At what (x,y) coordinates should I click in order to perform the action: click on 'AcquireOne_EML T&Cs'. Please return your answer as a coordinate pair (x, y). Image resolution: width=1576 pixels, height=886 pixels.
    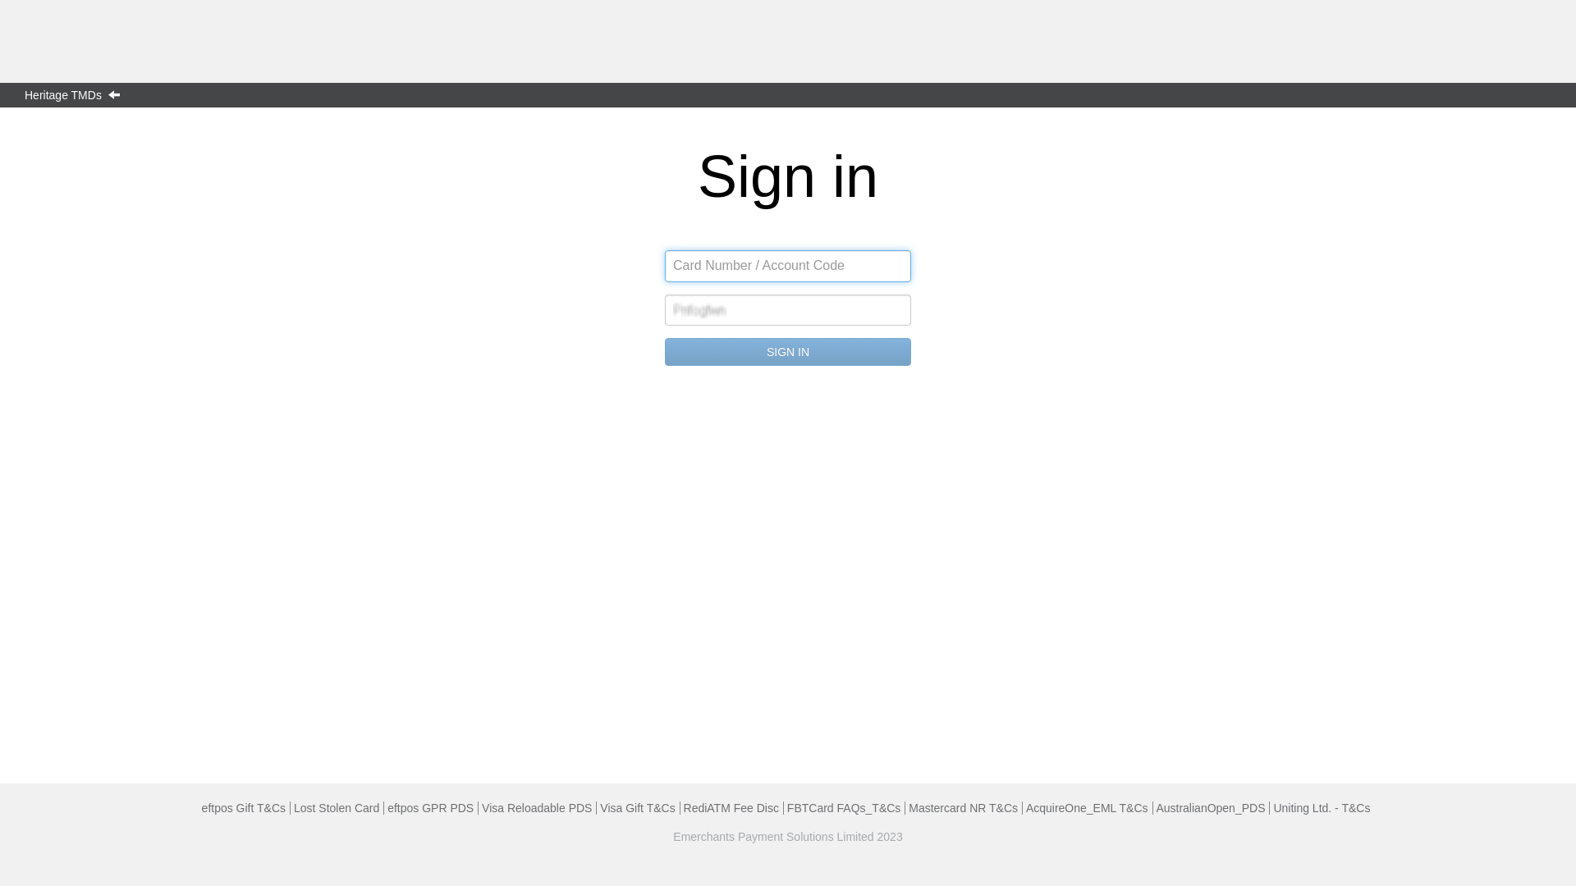
    Looking at the image, I should click on (1087, 806).